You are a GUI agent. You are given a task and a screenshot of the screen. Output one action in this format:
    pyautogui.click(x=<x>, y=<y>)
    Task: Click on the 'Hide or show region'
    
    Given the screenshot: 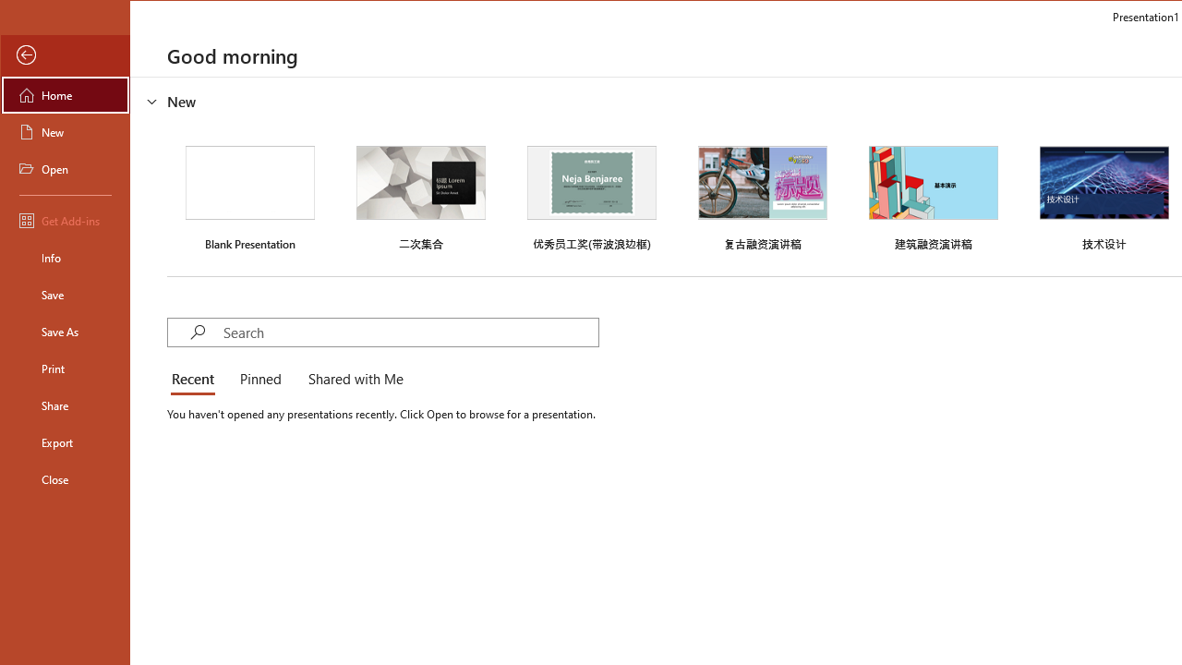 What is the action you would take?
    pyautogui.click(x=152, y=101)
    